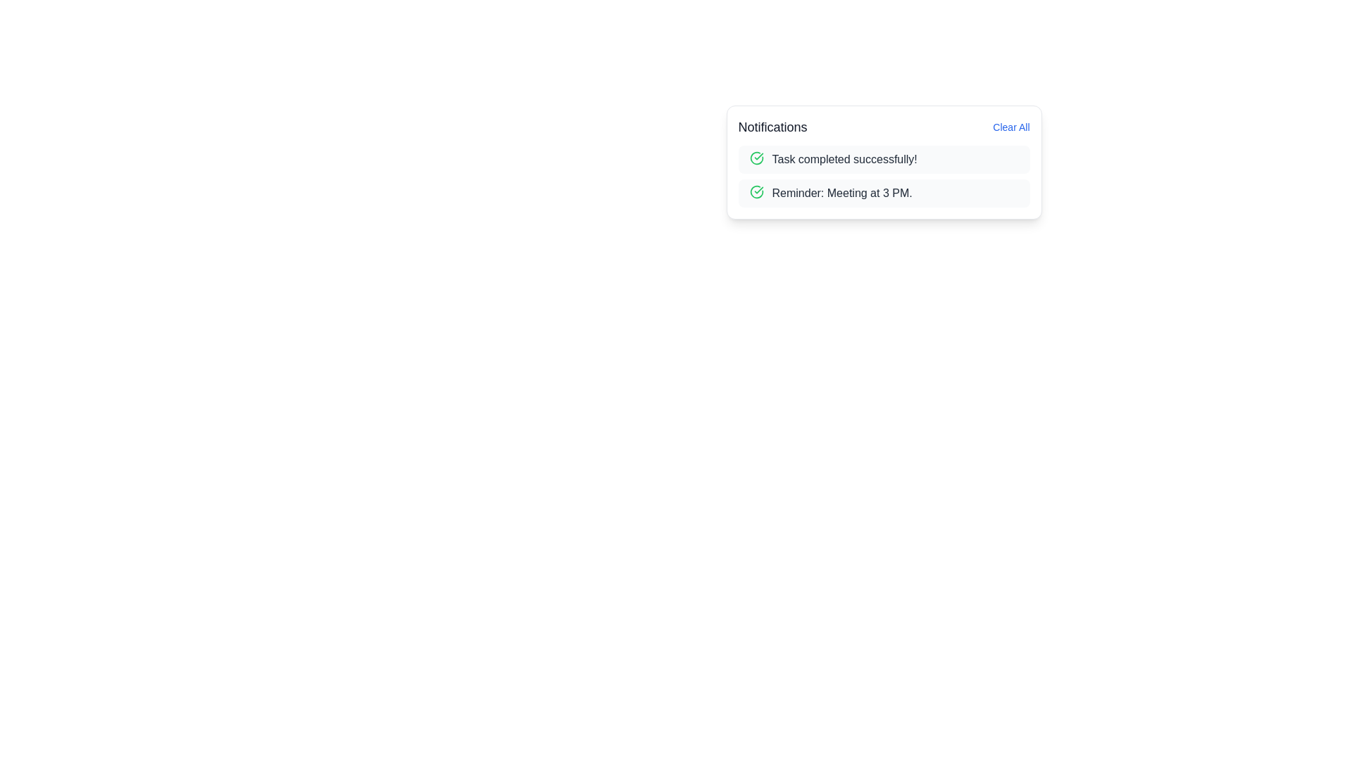 The image size is (1352, 760). I want to click on the text label indicating successful task completion, located within the second notification entry, to the right of the green check icon, so click(844, 159).